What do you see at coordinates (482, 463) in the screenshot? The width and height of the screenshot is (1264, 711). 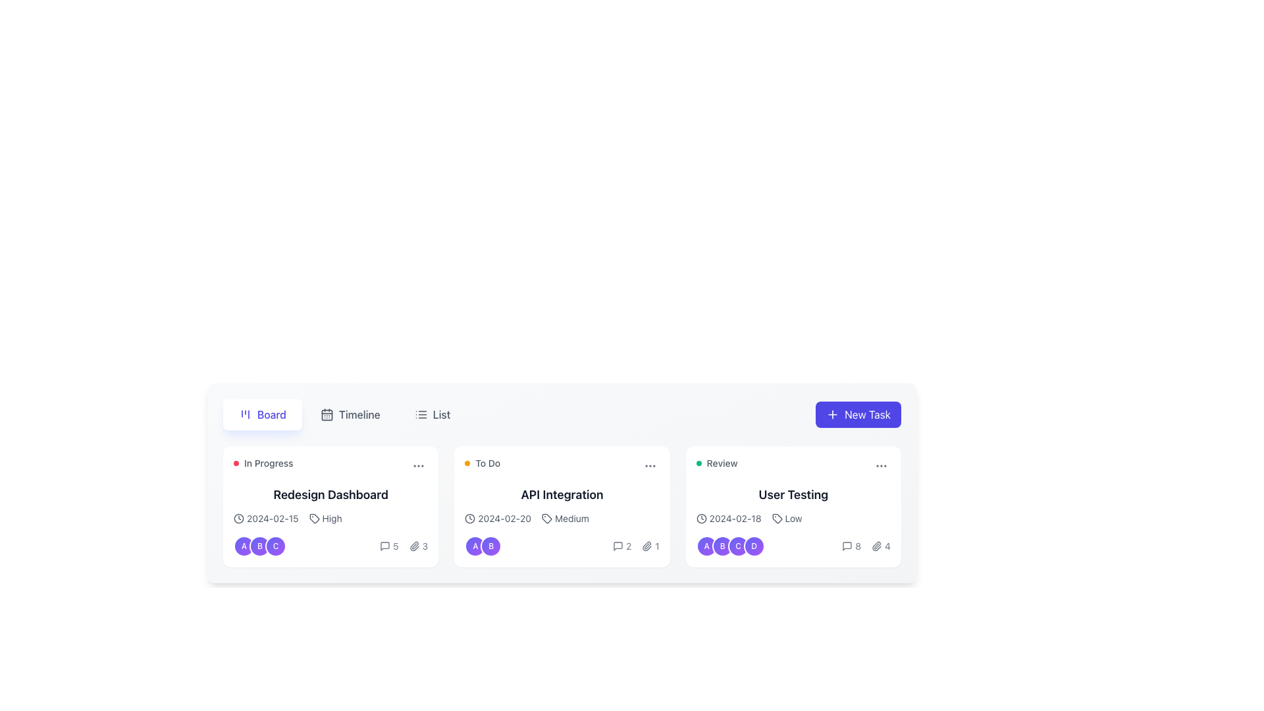 I see `the 'To Do' status label located at the top-left corner of the second task card, which is aligned horizontally with the amber circular indicator` at bounding box center [482, 463].